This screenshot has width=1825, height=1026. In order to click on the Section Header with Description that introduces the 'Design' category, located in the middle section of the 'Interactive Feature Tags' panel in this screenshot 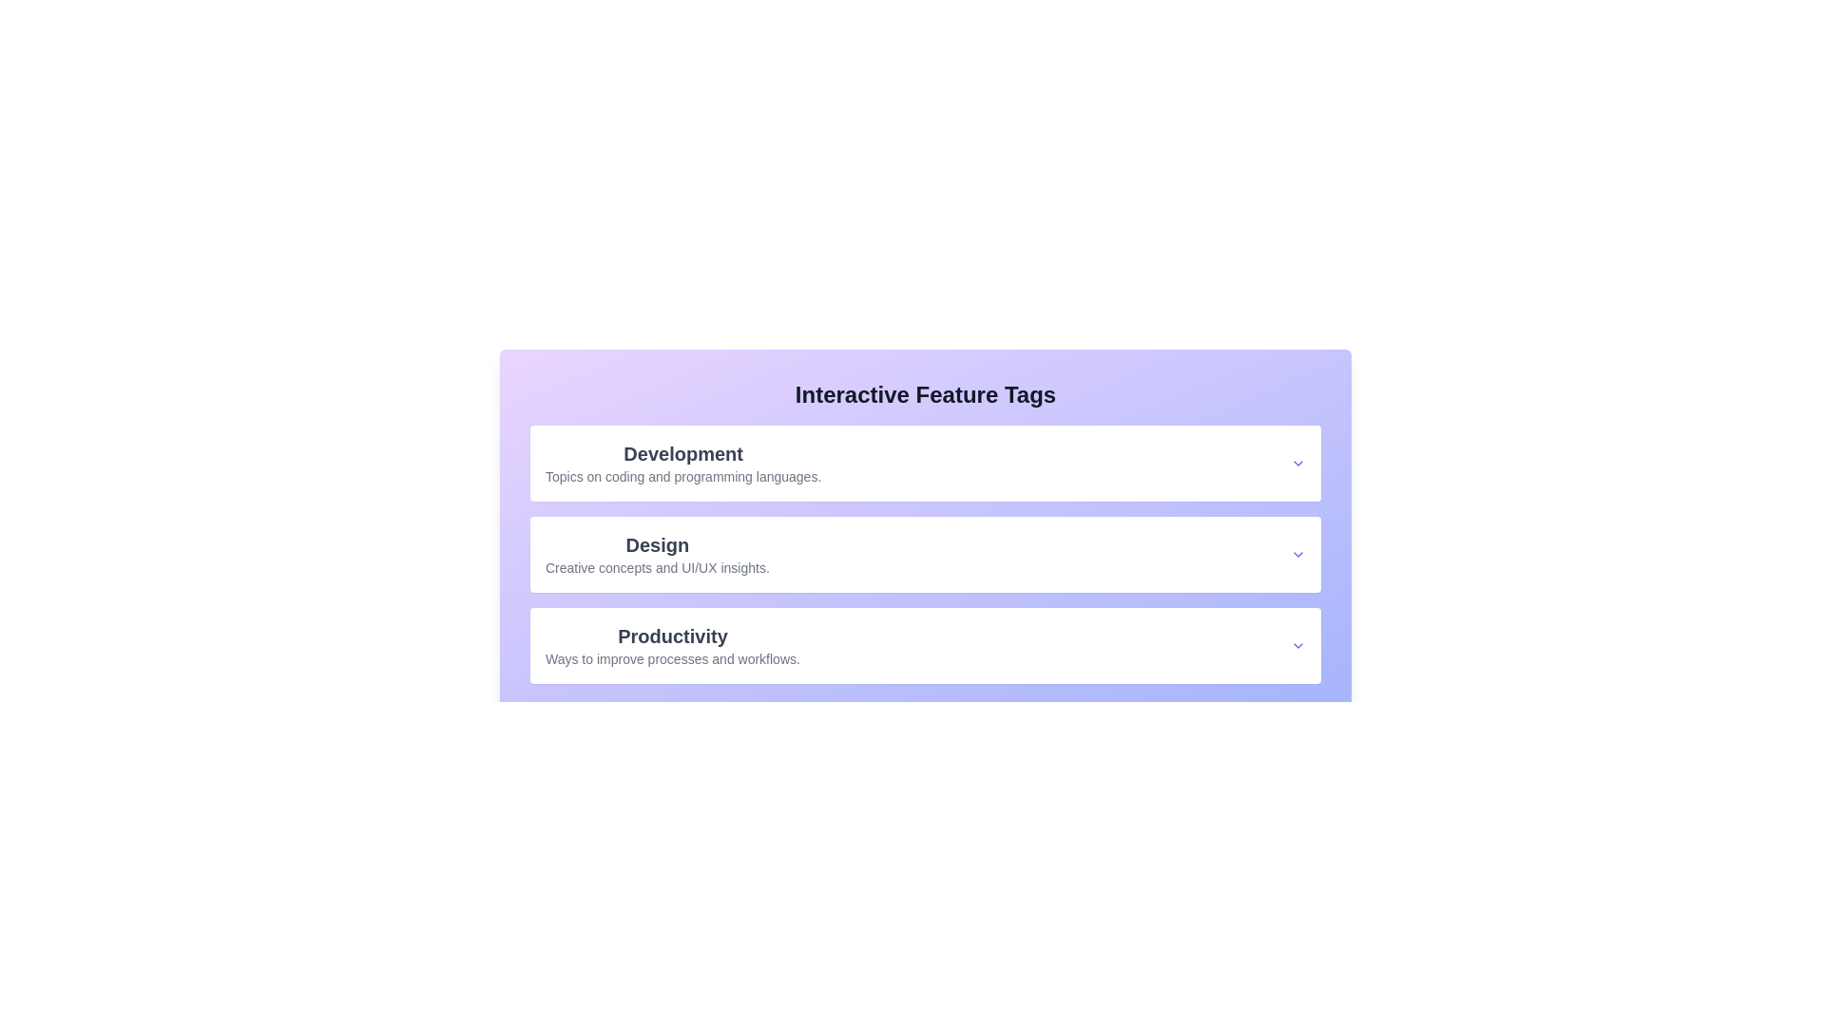, I will do `click(657, 554)`.